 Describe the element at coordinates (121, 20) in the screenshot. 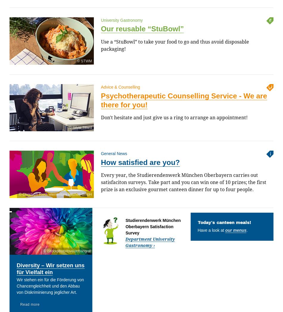

I see `'University Gastronomy'` at that location.